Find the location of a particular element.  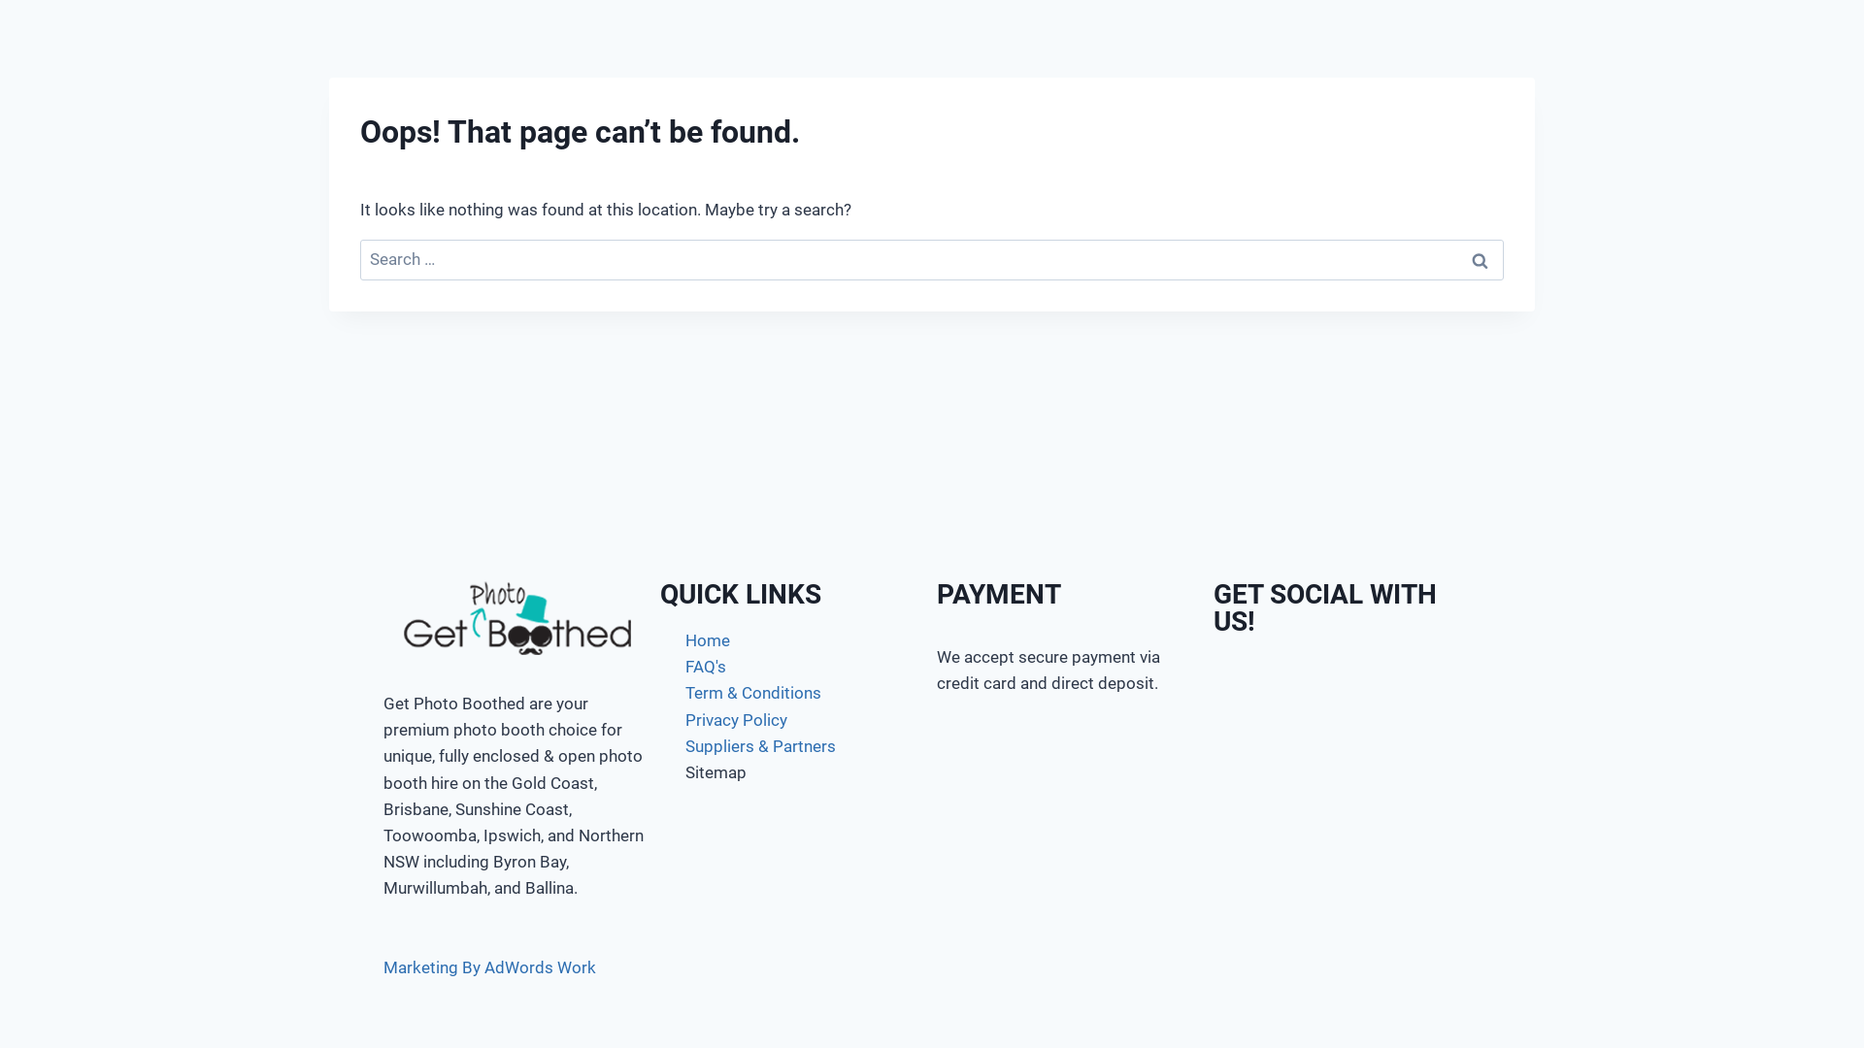

'Marketing By AdWords Work' is located at coordinates (489, 966).